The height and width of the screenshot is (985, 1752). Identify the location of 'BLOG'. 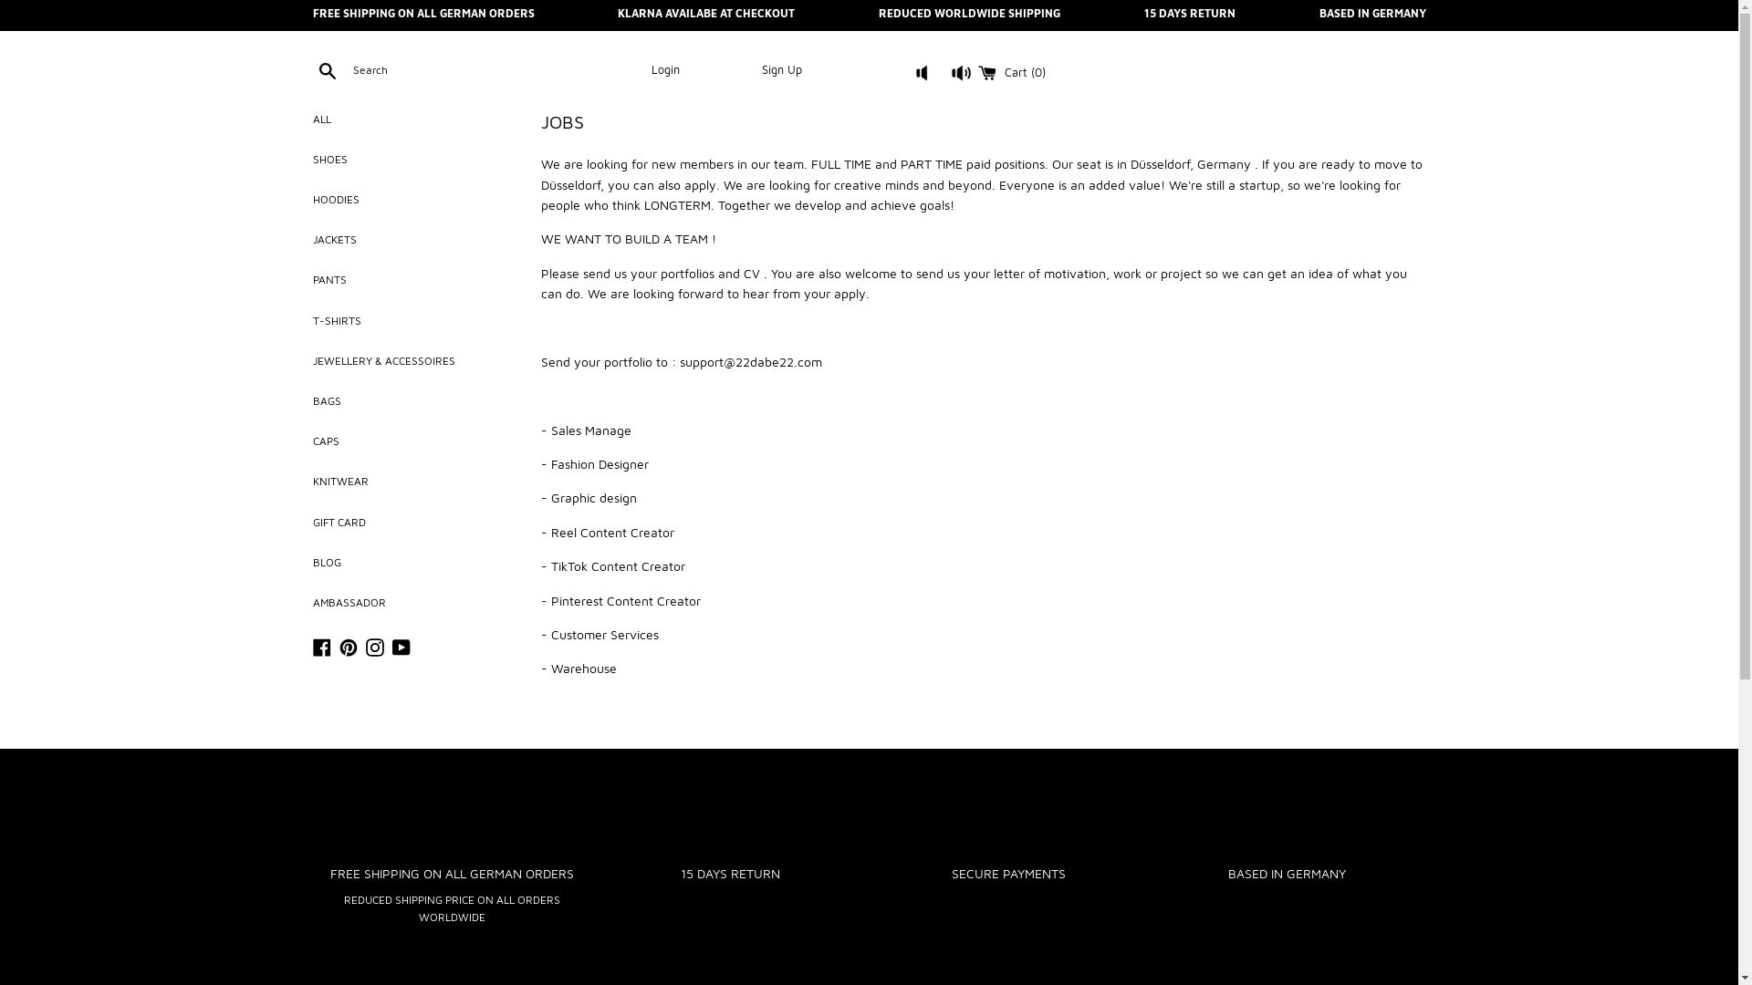
(311, 561).